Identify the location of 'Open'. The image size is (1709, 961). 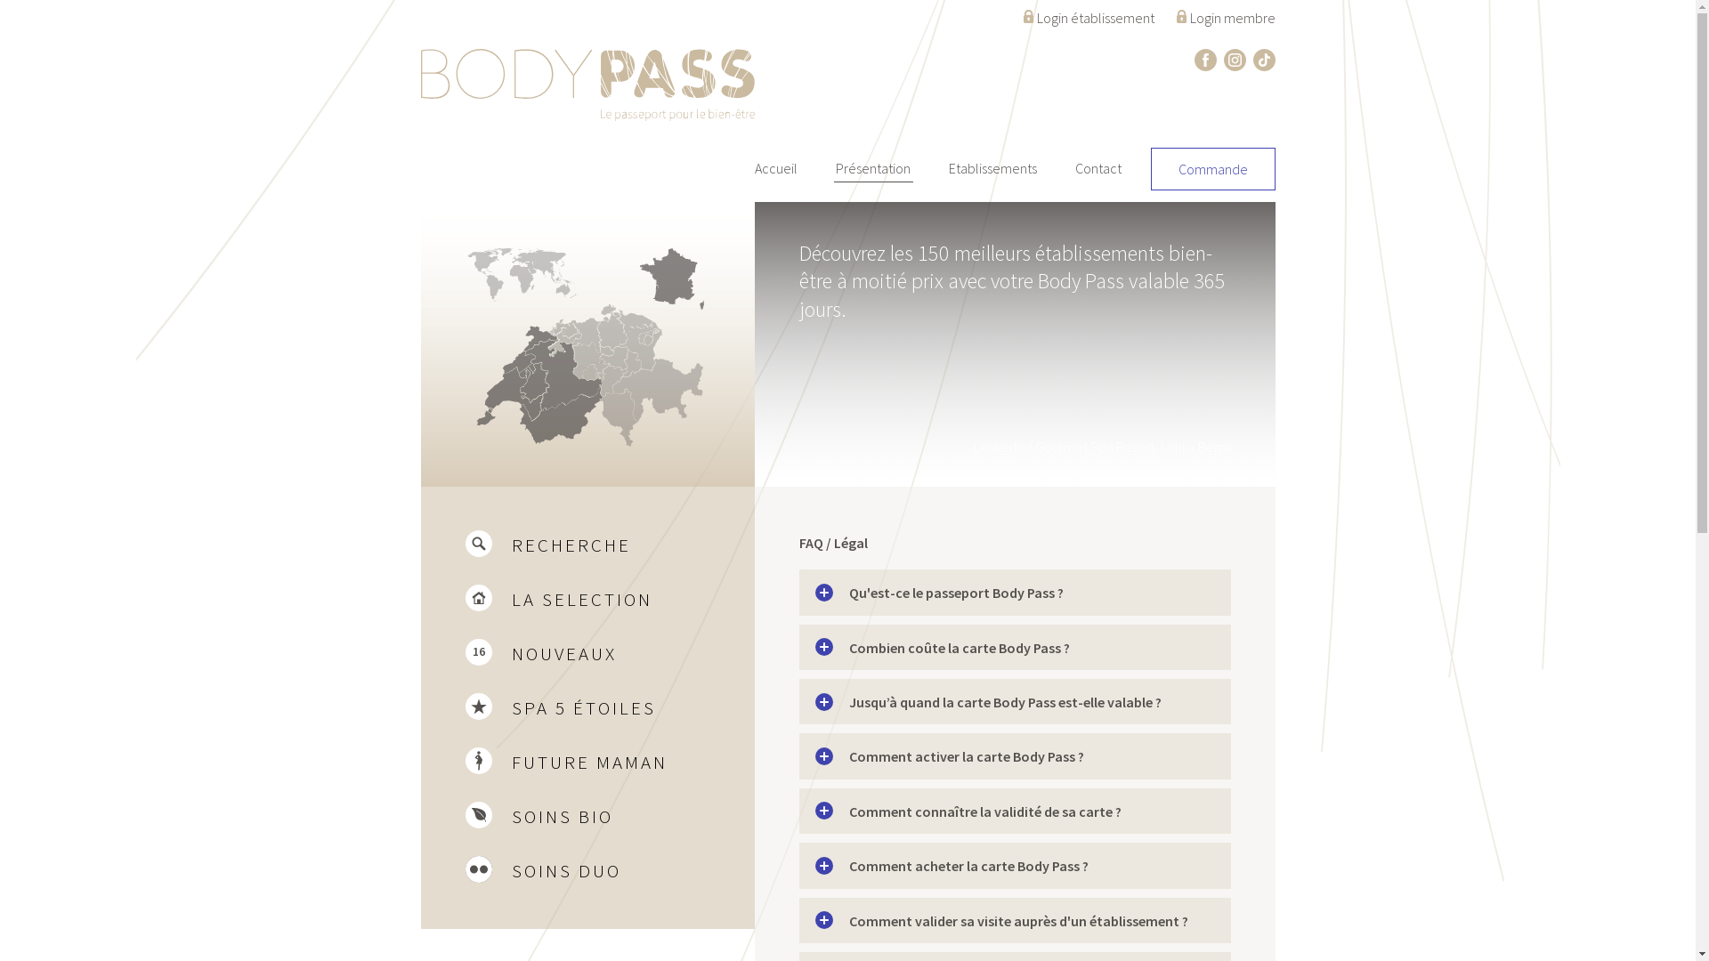
(823, 701).